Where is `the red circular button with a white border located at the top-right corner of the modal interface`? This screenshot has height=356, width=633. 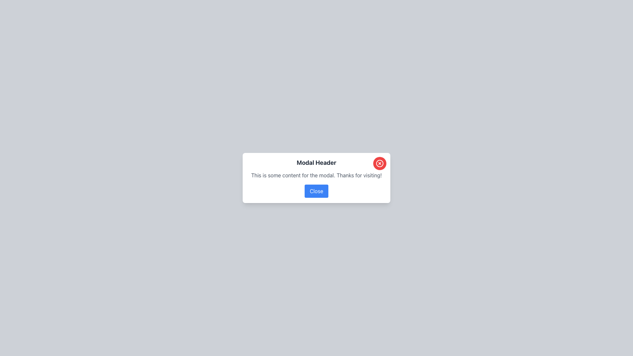 the red circular button with a white border located at the top-right corner of the modal interface is located at coordinates (380, 163).